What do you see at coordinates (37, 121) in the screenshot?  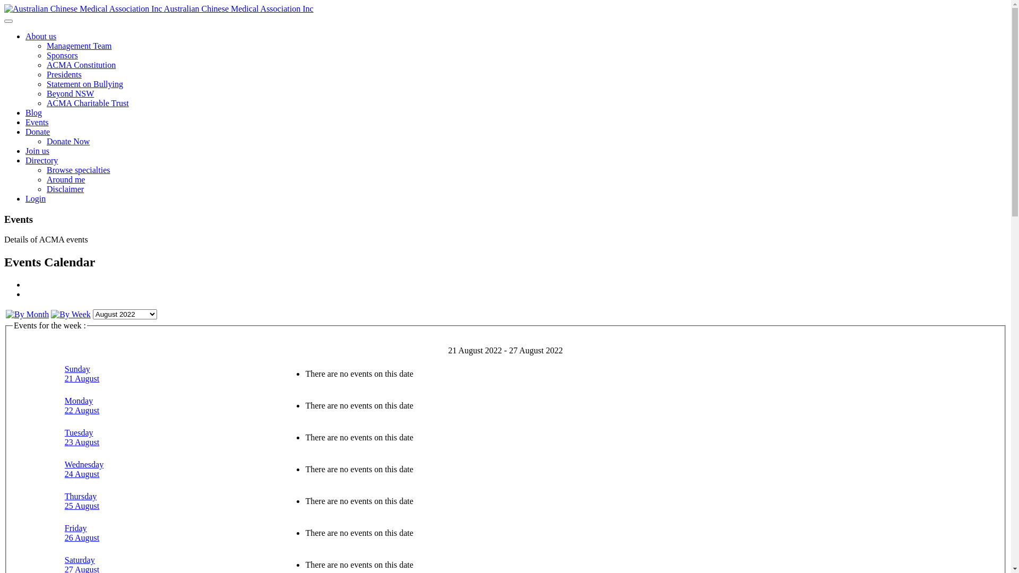 I see `'Events'` at bounding box center [37, 121].